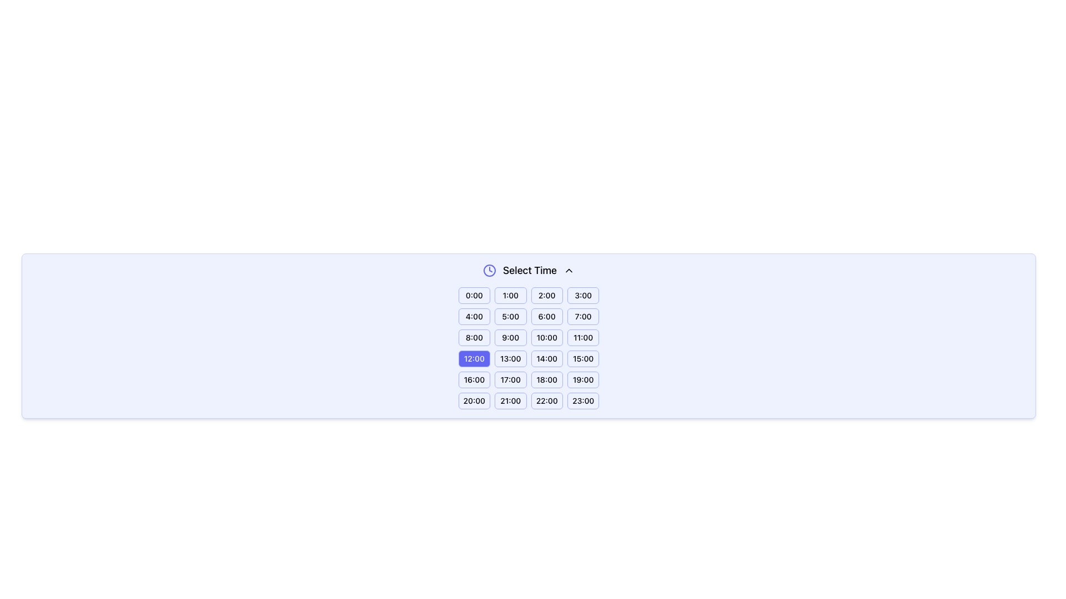  Describe the element at coordinates (547, 295) in the screenshot. I see `the third button in the first row of the time selection grid` at that location.